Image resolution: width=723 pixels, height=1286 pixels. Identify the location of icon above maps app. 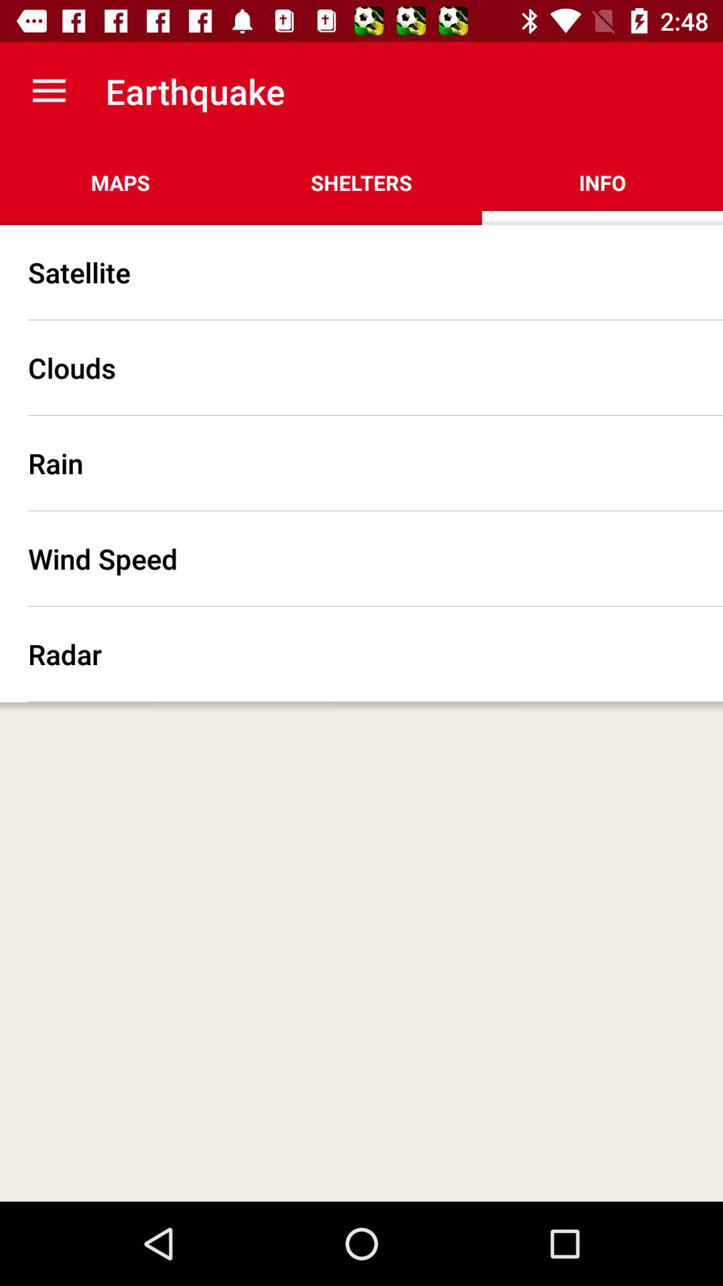
(48, 90).